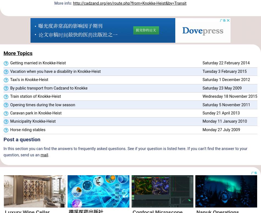 This screenshot has height=213, width=261. I want to click on 'Taxi's in Knokke-Heist', so click(9, 80).